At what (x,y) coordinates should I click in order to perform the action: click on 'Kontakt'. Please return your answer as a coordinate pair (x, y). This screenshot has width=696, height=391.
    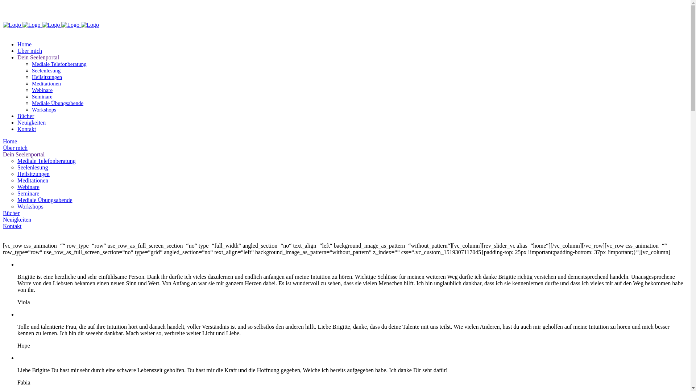
    Looking at the image, I should click on (26, 129).